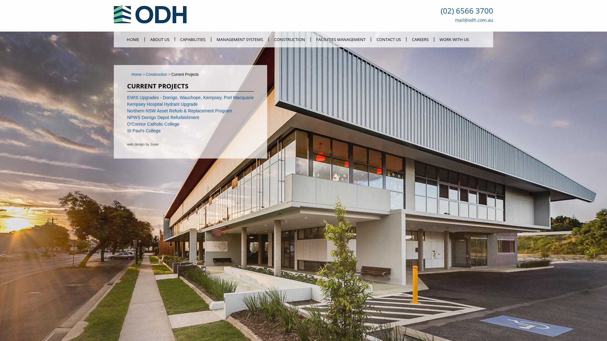 This screenshot has height=341, width=607. I want to click on 'mail@odh.com.au', so click(474, 20).